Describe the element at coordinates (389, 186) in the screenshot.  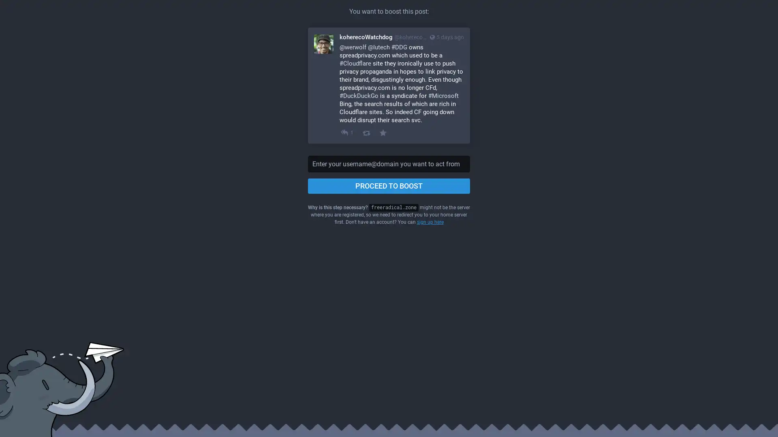
I see `PROCEED TO BOOST` at that location.